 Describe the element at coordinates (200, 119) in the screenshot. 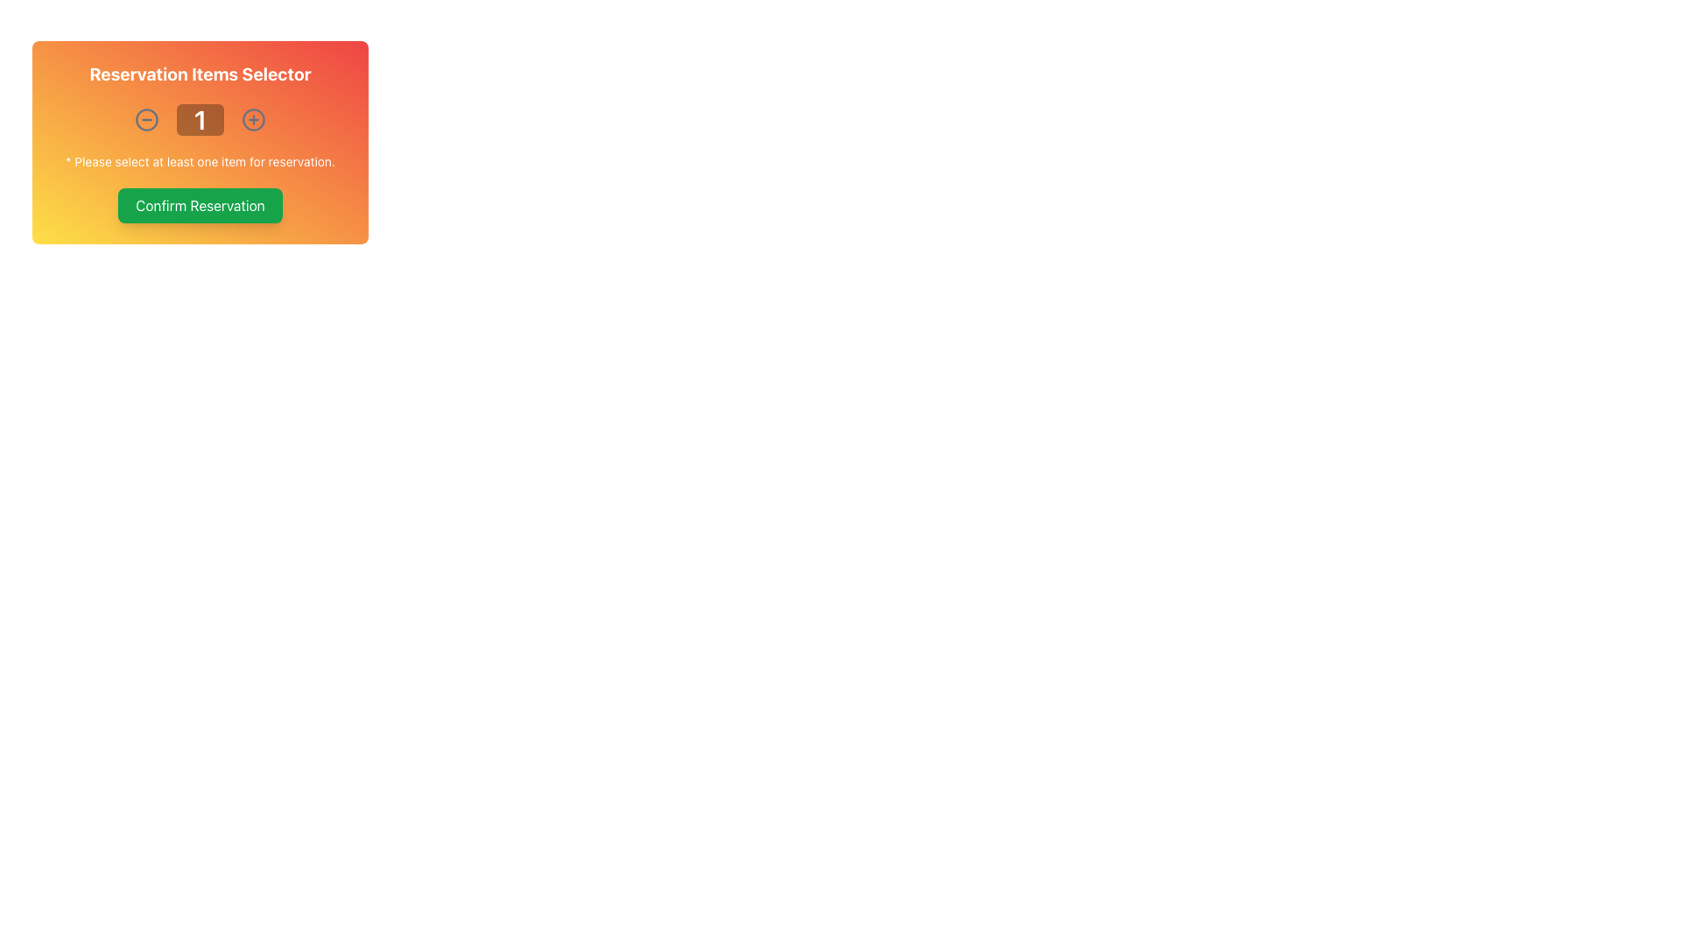

I see `the textual numeral '1' displayed in a bold, large font within the quantity selector, which is styled against a dark, semi-transparent background` at that location.